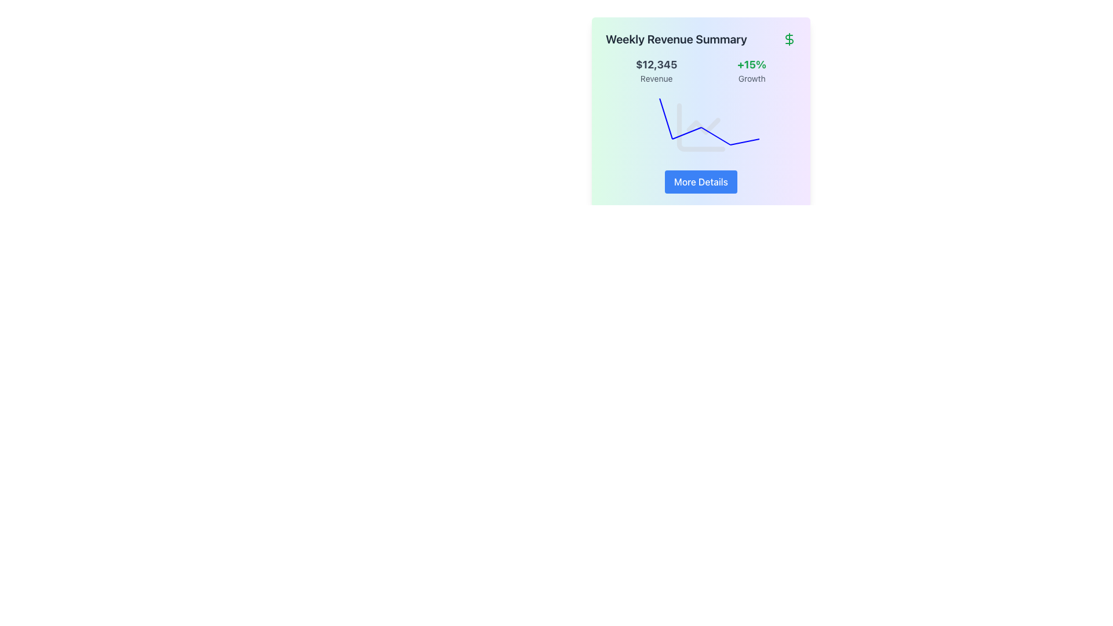  What do you see at coordinates (703, 126) in the screenshot?
I see `the zigzag line icon representing a line-graph style in the revenue summary card, located below the revenue metrics and above the 'More Details' button` at bounding box center [703, 126].